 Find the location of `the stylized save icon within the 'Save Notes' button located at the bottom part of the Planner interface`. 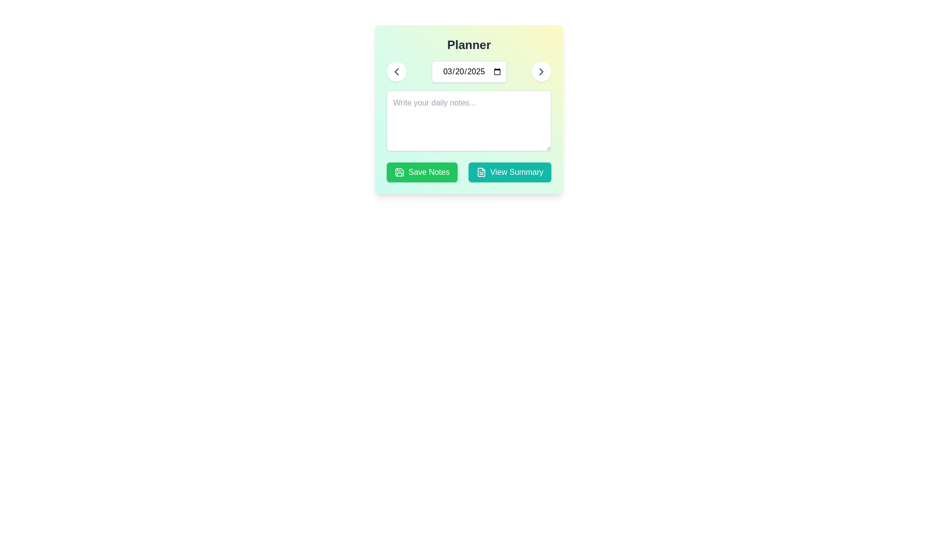

the stylized save icon within the 'Save Notes' button located at the bottom part of the Planner interface is located at coordinates (400, 171).